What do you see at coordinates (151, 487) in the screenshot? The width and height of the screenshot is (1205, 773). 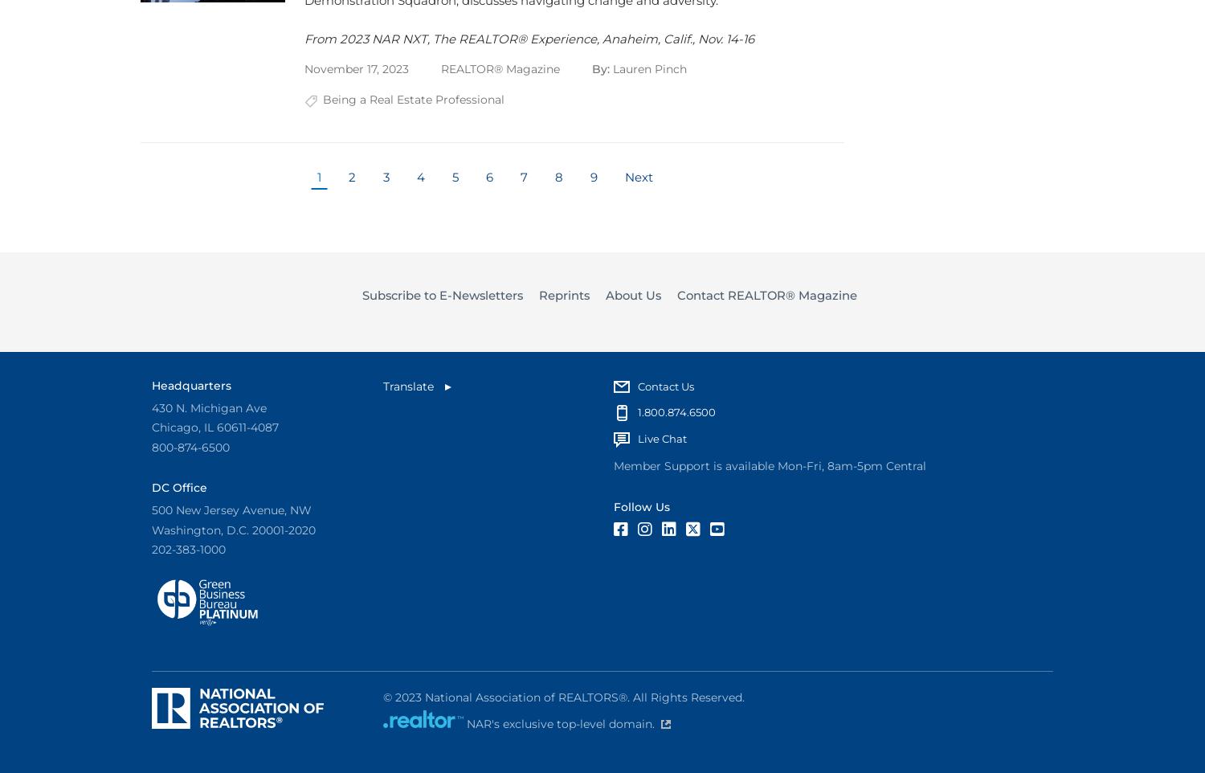 I see `'DC Office'` at bounding box center [151, 487].